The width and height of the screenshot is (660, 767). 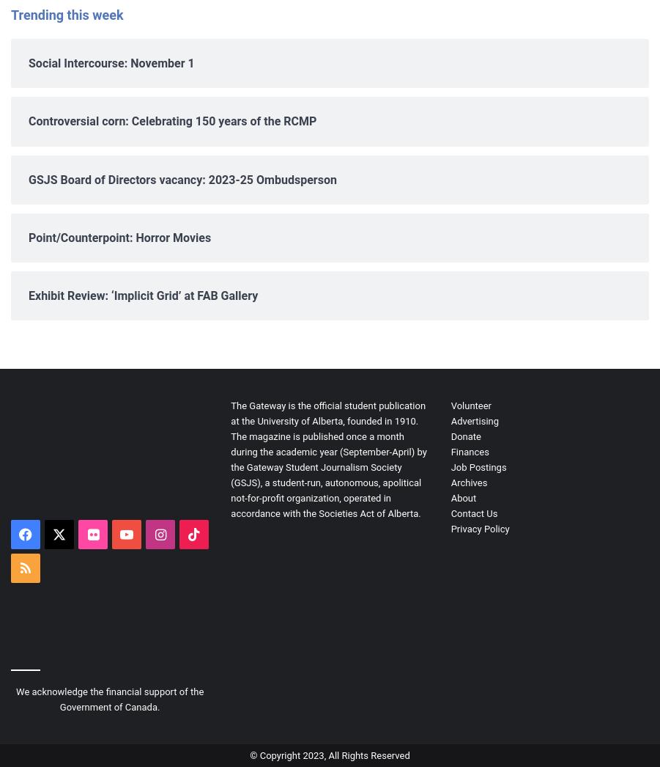 What do you see at coordinates (463, 497) in the screenshot?
I see `'About'` at bounding box center [463, 497].